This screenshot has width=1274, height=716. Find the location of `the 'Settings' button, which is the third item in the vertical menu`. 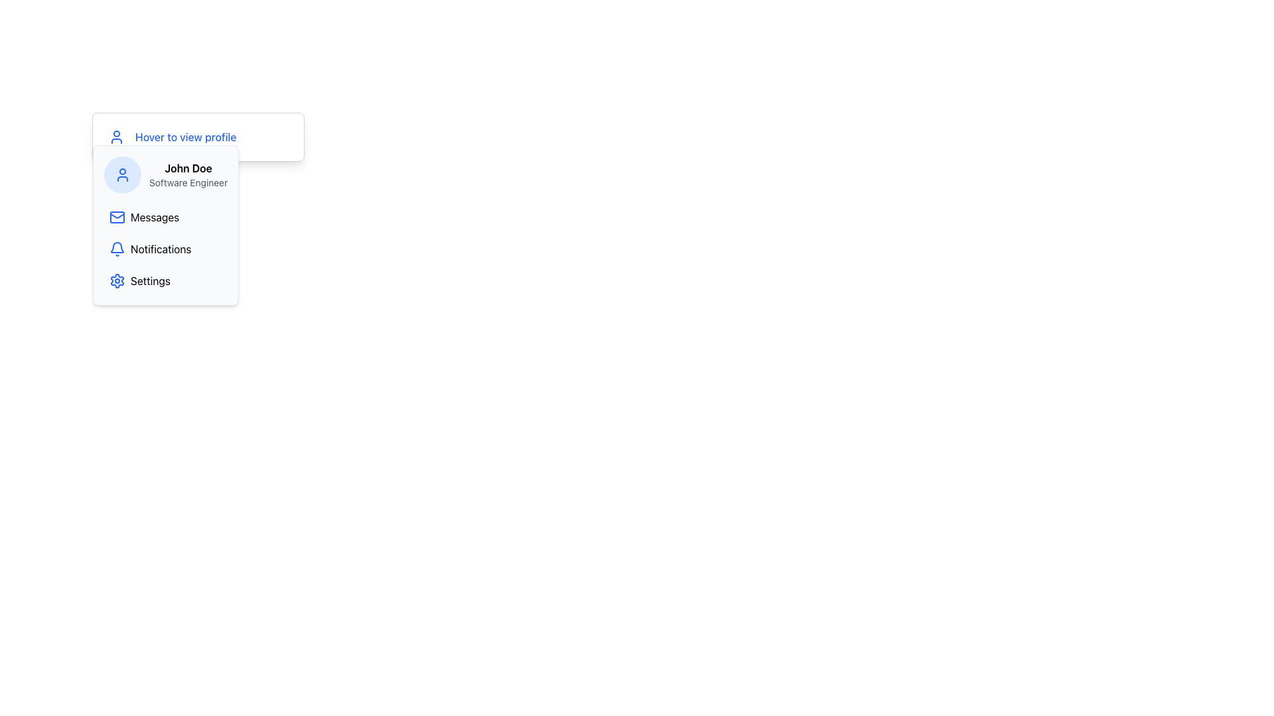

the 'Settings' button, which is the third item in the vertical menu is located at coordinates (165, 280).